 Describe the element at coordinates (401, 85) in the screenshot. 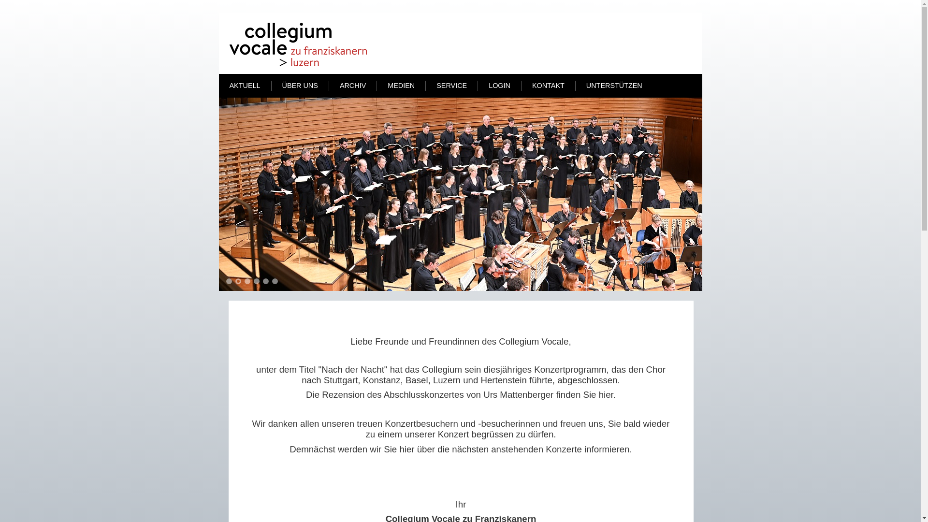

I see `'MEDIEN'` at that location.